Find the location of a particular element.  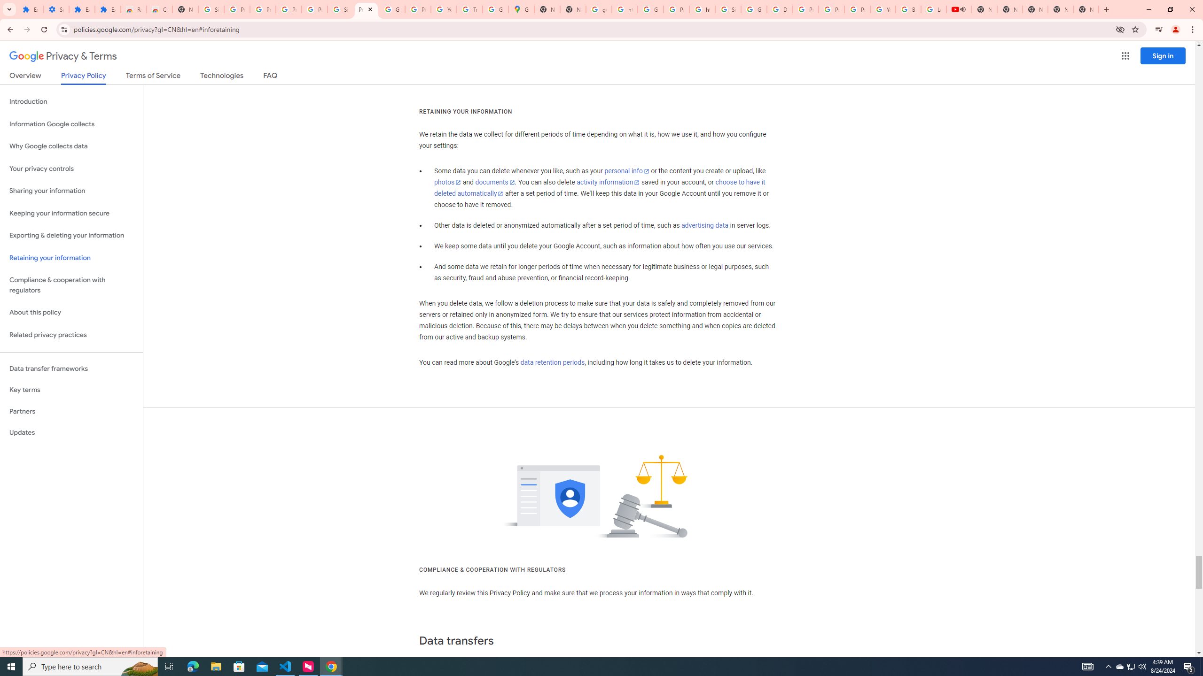

'Updates' is located at coordinates (71, 432).